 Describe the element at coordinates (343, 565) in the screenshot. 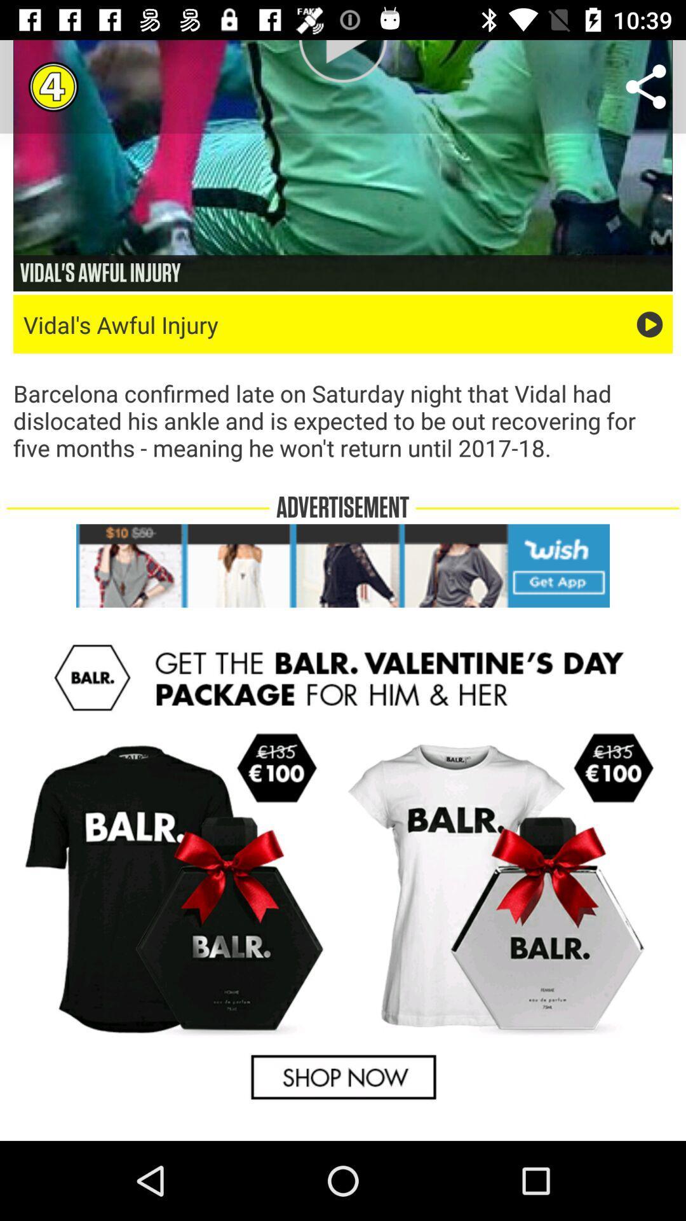

I see `advatisment` at that location.